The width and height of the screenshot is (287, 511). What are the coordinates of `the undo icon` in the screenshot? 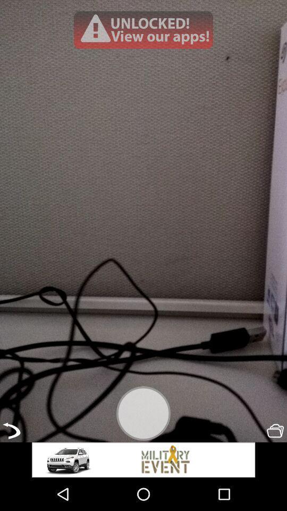 It's located at (11, 460).